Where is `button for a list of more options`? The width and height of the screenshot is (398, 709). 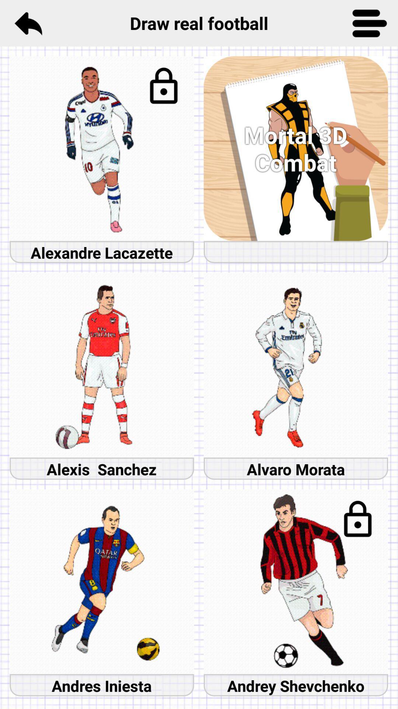
button for a list of more options is located at coordinates (370, 23).